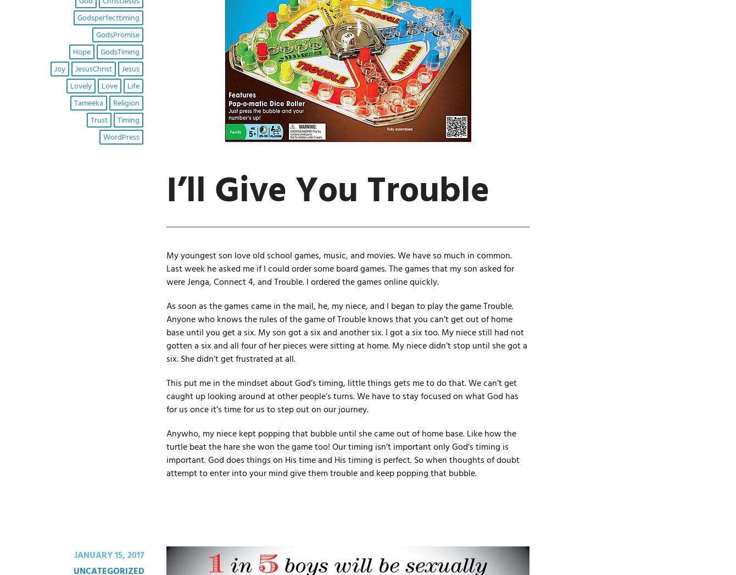 This screenshot has height=575, width=736. Describe the element at coordinates (345, 333) in the screenshot. I see `'As soon as the games came in the mail, he, my niece, and I began to play the game Trouble. Anyone who knows the rules of the game of Trouble knows that you can’t get out of home base until you get a six. My son got a six and another six. I got a six too. My niece still had not gotten a six and all four of her pieces were sitting at home. My niece didn’t stop until she got a six. She didn’t get frustrated at all.'` at that location.